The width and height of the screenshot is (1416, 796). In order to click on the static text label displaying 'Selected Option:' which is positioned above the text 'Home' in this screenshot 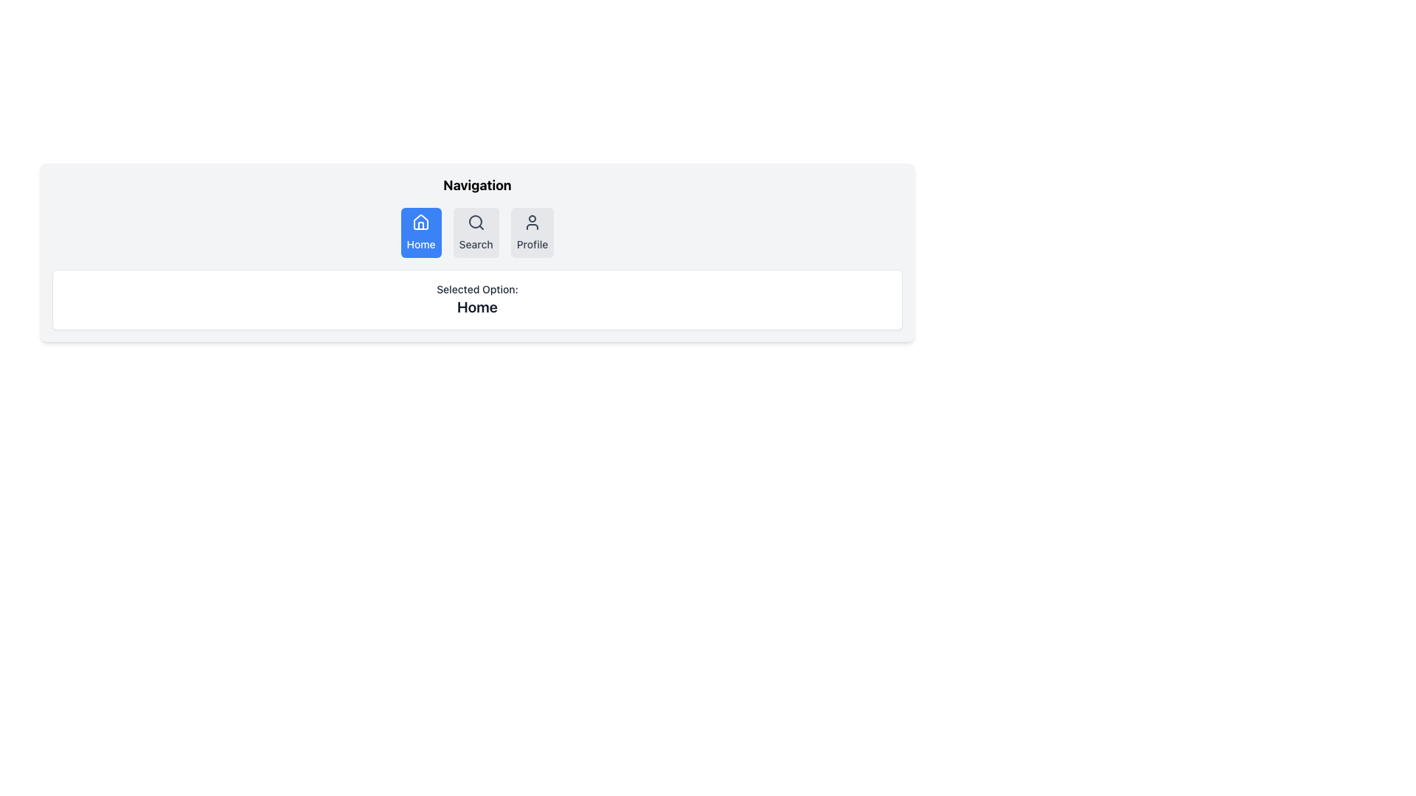, I will do `click(477, 290)`.